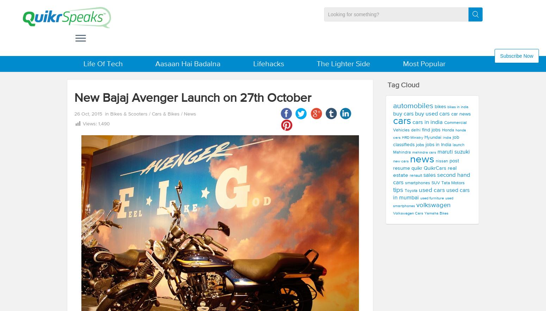 This screenshot has width=546, height=311. I want to click on 'New Bajaj Avenger Launch on 27th October', so click(74, 98).